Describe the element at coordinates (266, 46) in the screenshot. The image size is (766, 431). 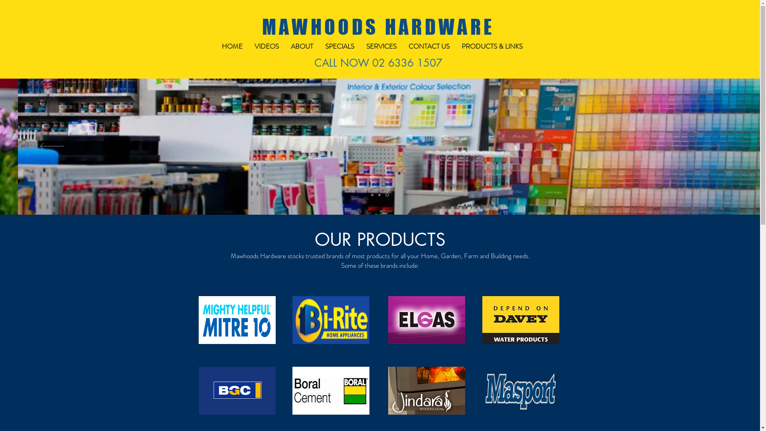
I see `'VIDEOS'` at that location.